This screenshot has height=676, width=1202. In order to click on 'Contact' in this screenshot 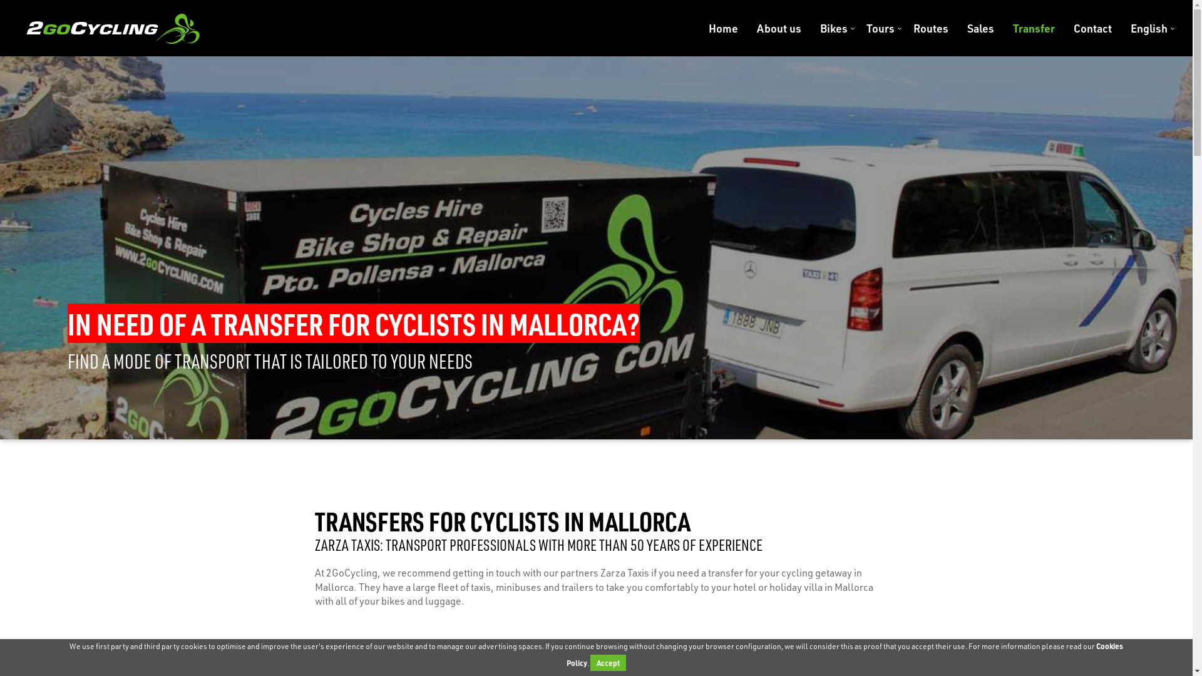, I will do `click(1092, 28)`.